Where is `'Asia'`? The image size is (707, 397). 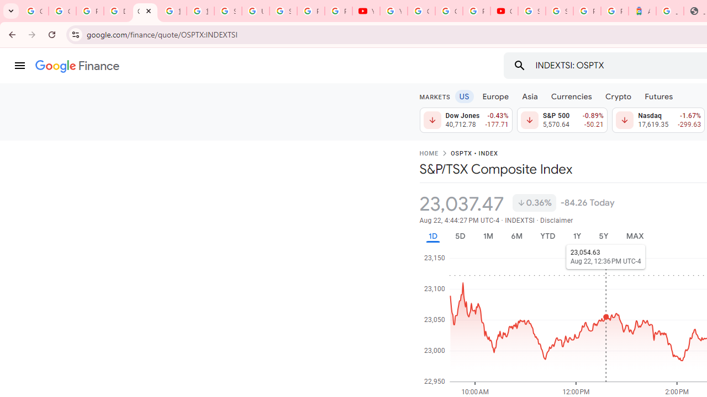 'Asia' is located at coordinates (529, 95).